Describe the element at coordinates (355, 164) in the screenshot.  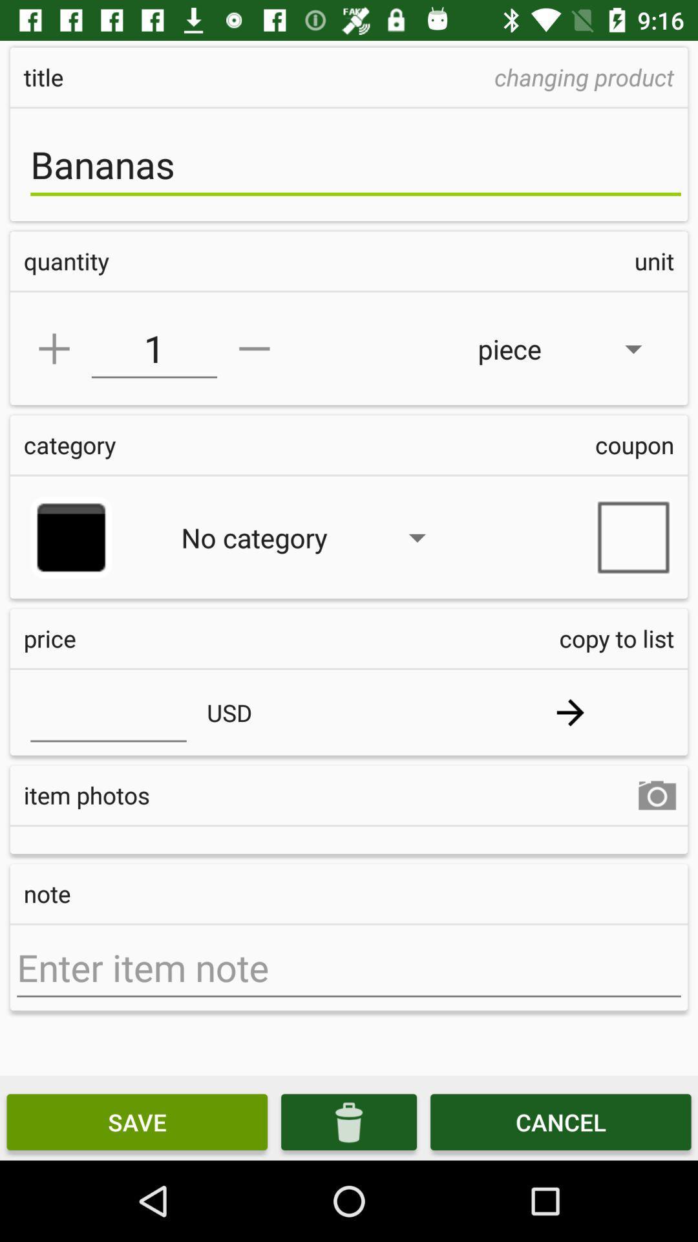
I see `bananas` at that location.